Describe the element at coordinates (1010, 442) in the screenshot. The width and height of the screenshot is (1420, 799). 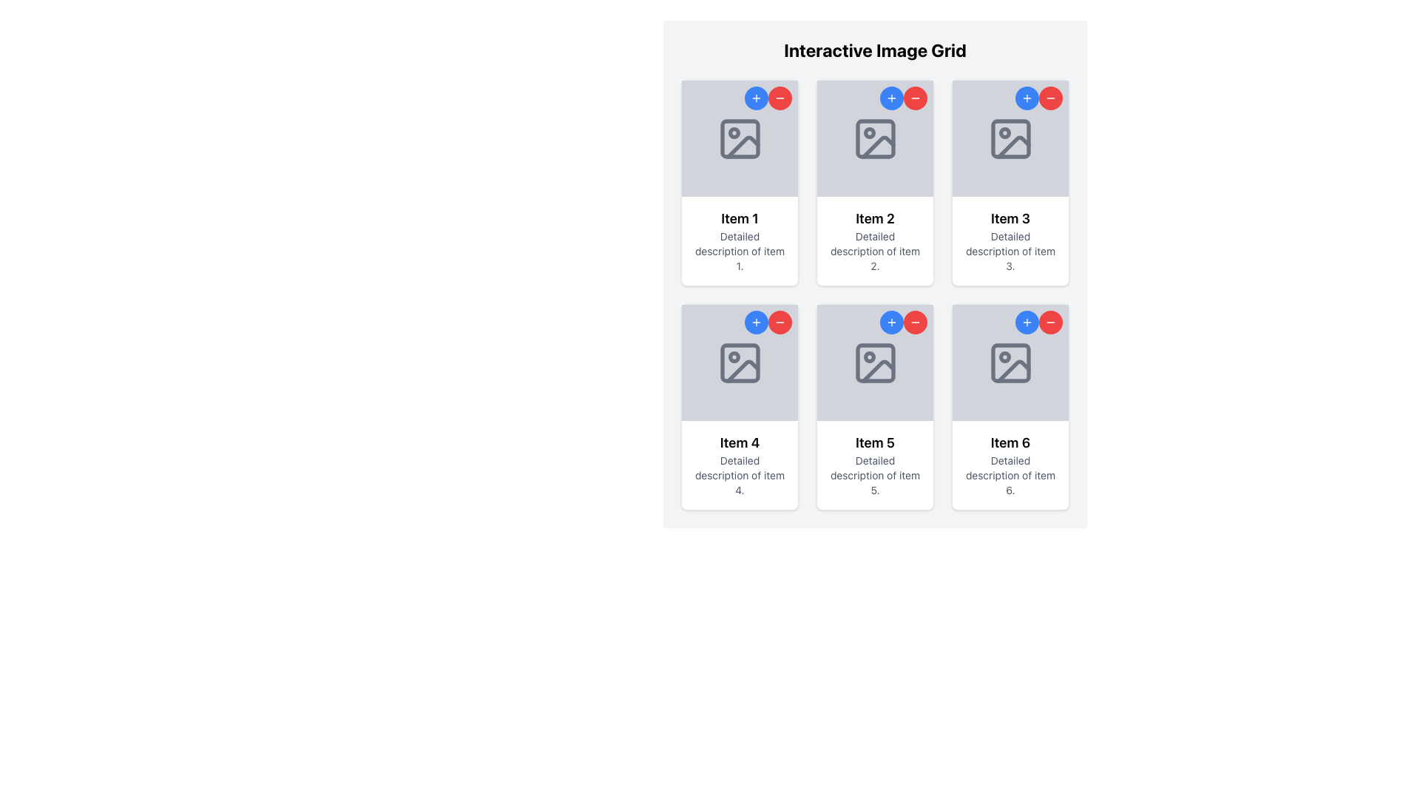
I see `the bold textual label reading 'Item 6' located in the bottom-right corner of a 2x3 grid layout` at that location.